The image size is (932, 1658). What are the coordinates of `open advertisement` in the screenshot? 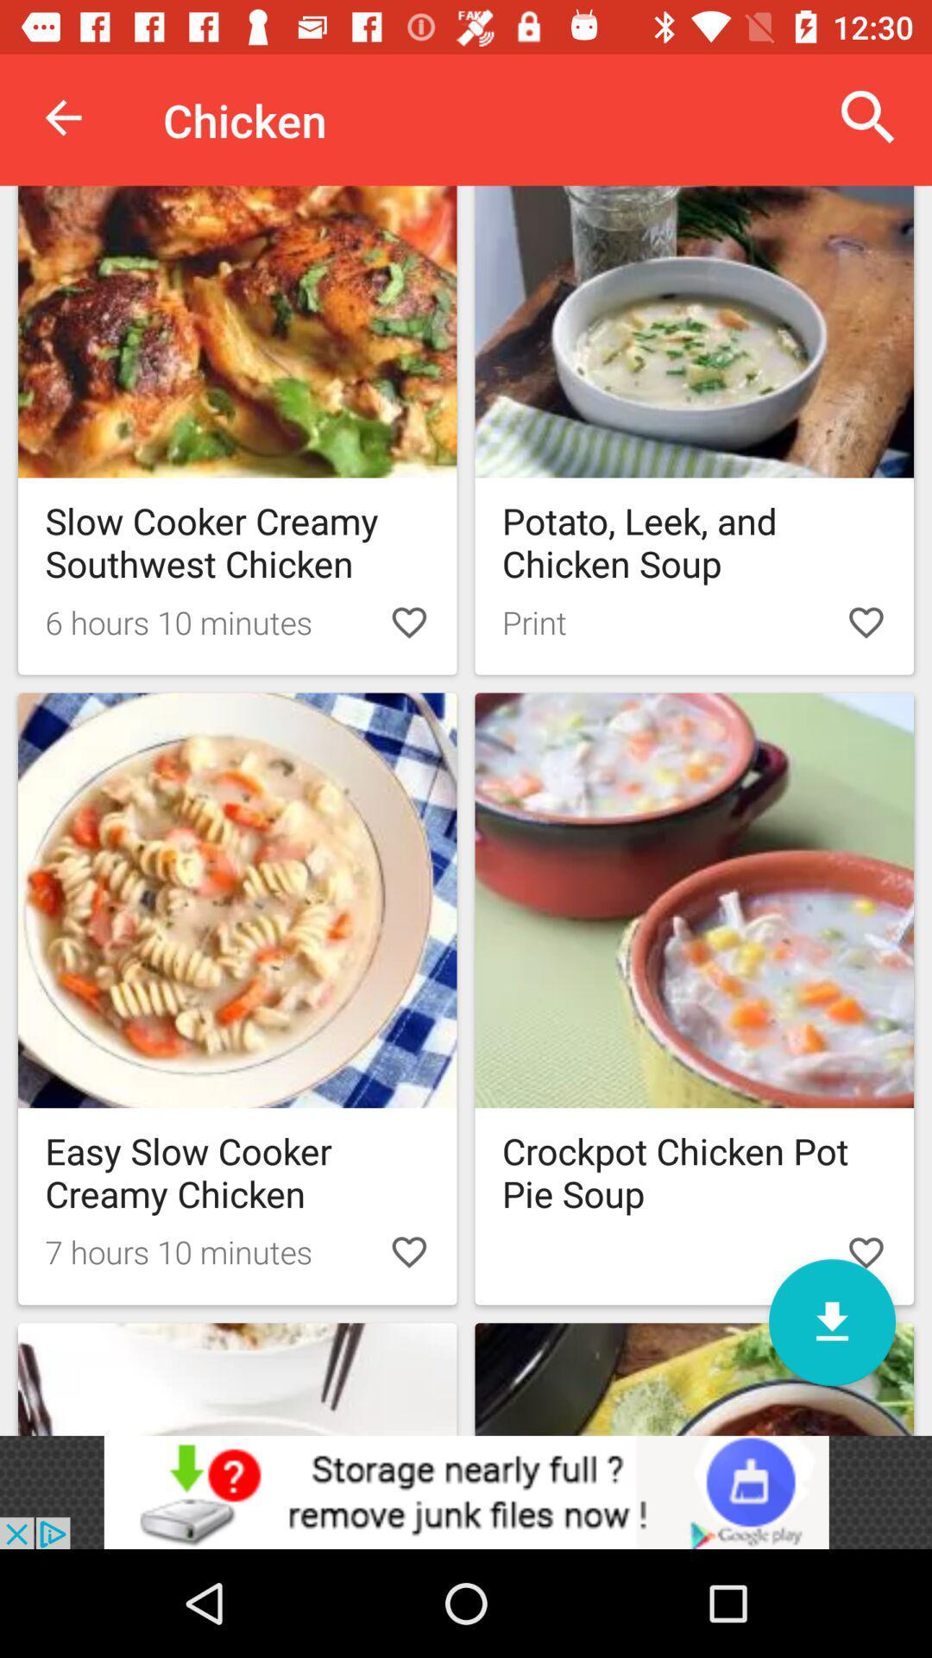 It's located at (466, 1491).